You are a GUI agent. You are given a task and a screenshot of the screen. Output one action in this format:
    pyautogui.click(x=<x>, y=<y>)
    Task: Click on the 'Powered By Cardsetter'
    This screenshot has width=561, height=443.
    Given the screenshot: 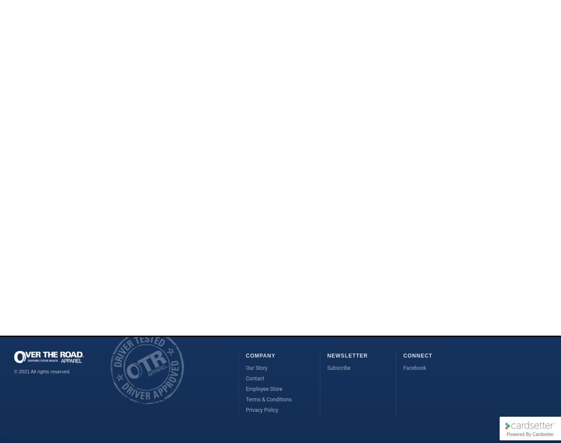 What is the action you would take?
    pyautogui.click(x=529, y=434)
    